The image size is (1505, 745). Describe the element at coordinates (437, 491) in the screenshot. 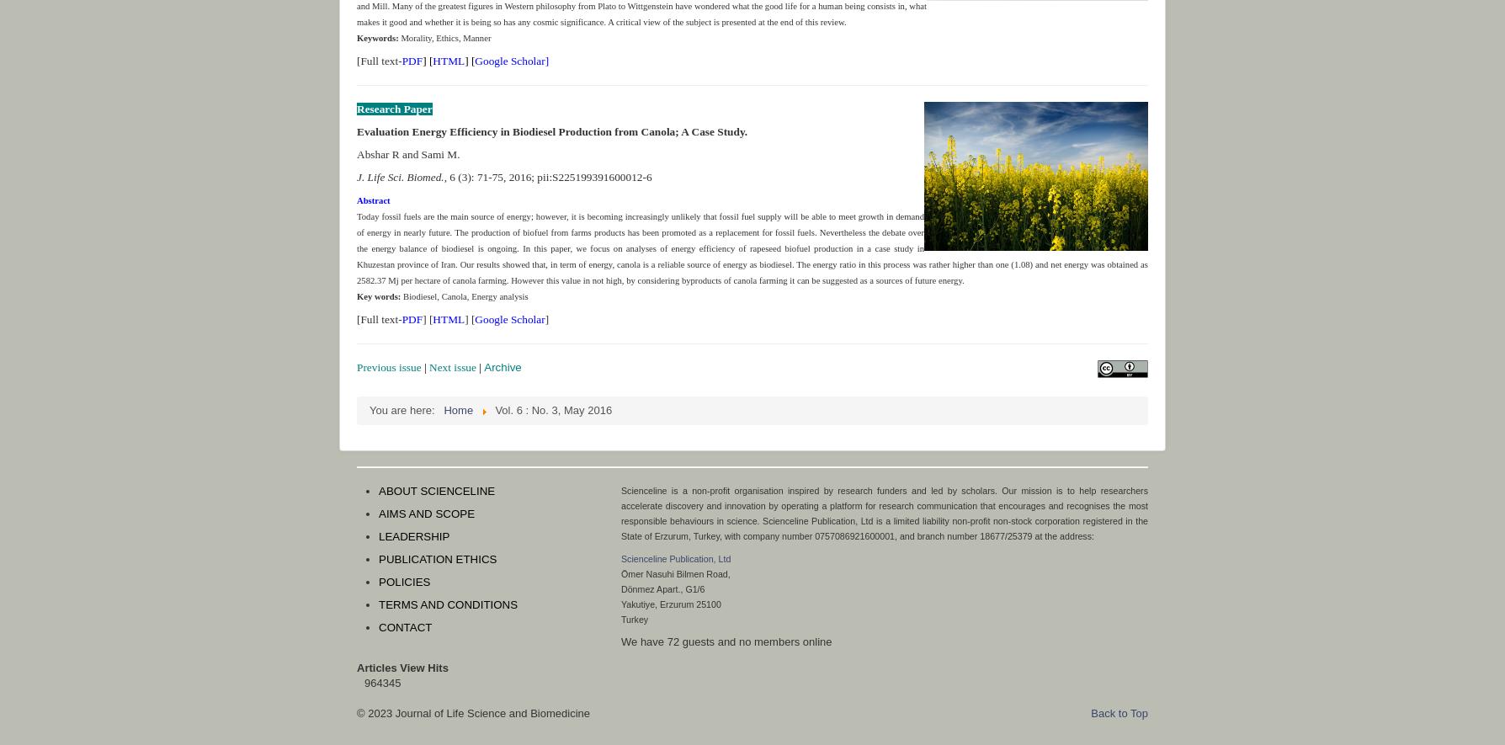

I see `'ABOUT SCIENCELINE'` at that location.